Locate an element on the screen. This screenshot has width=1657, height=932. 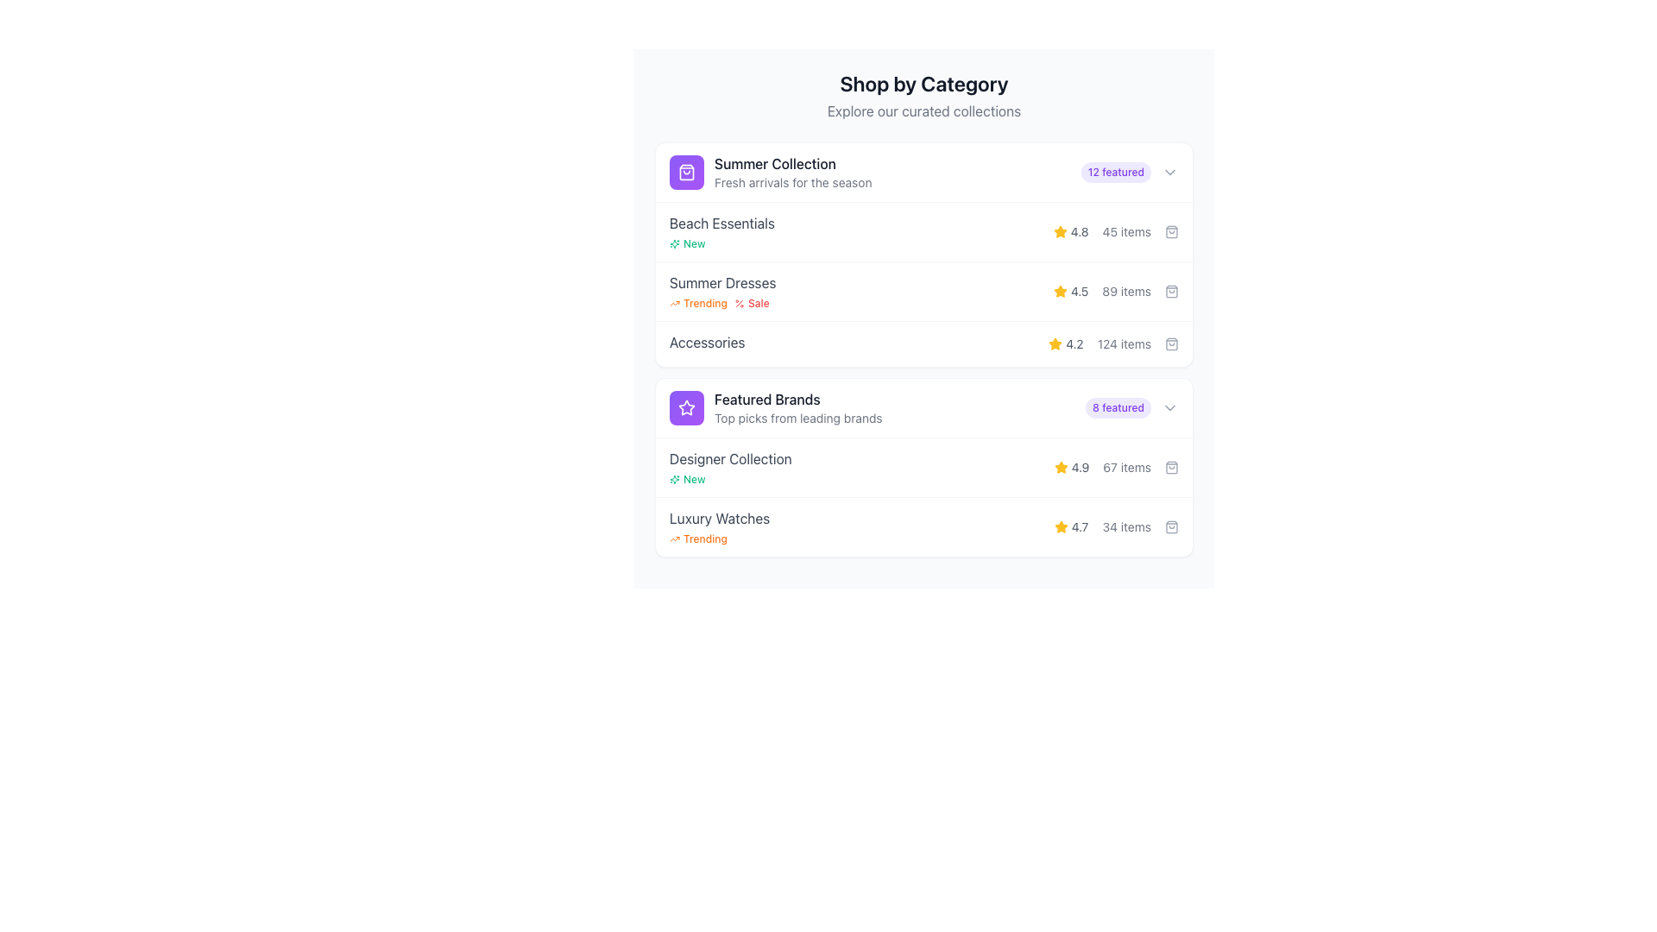
the shopping bag icon located at the far right of the 'Accessories' category row, which allows users is located at coordinates (1172, 343).